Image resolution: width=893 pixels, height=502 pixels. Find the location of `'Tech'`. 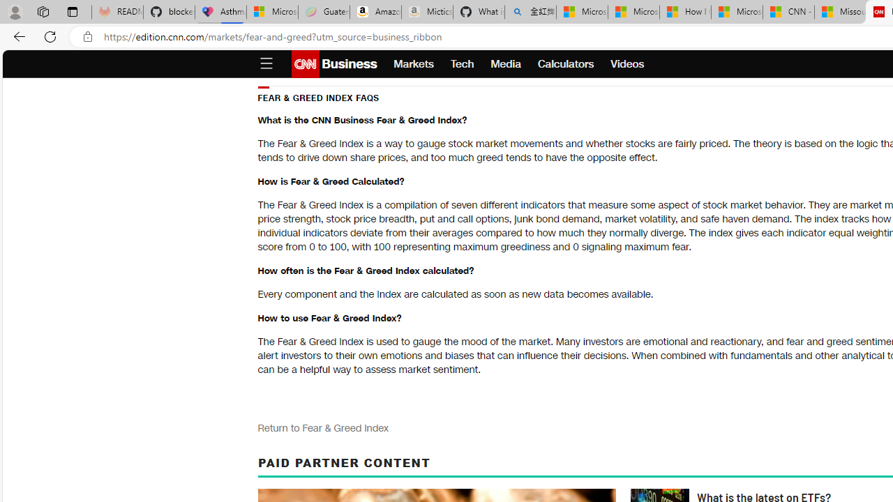

'Tech' is located at coordinates (462, 64).